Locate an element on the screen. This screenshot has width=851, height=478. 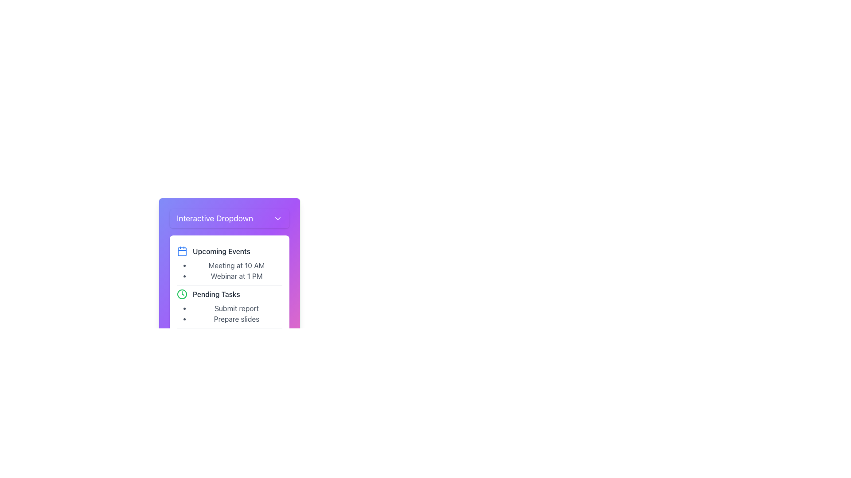
text of the second item in the 'Pending Tasks' section titled 'Prepare slides' in the 'Interactive Dropdown' card interface is located at coordinates (236, 319).